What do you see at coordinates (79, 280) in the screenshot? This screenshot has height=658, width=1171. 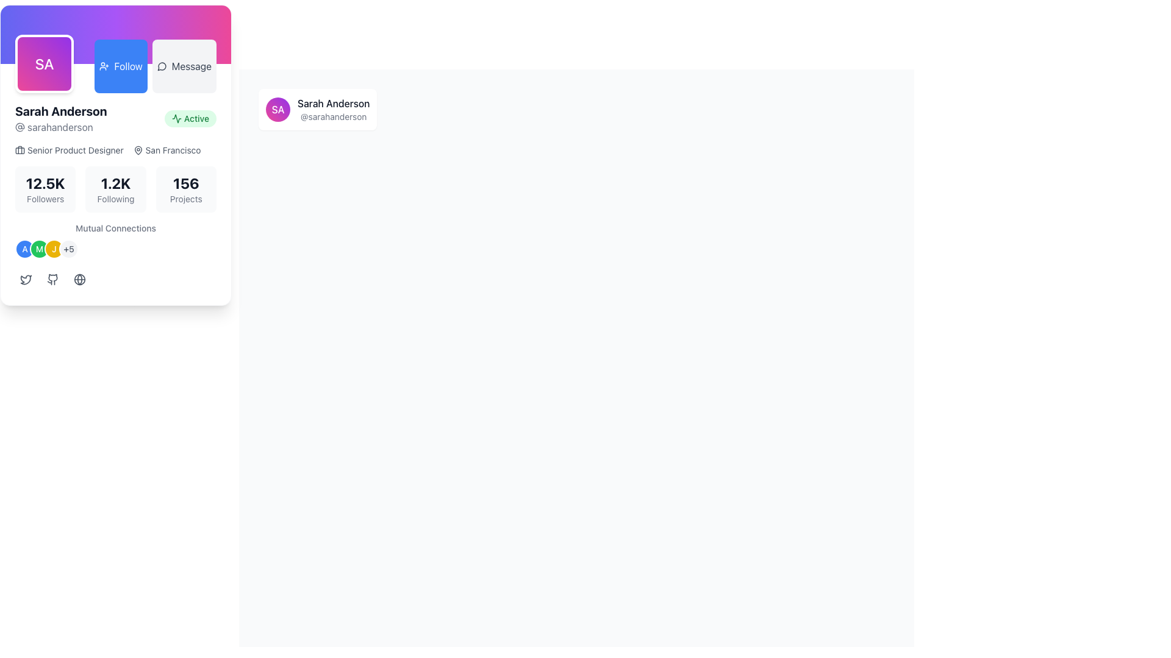 I see `the icon located at the bottom-left part of the user profile card, which potentially links to a webpage or external resource related to the user profile` at bounding box center [79, 280].